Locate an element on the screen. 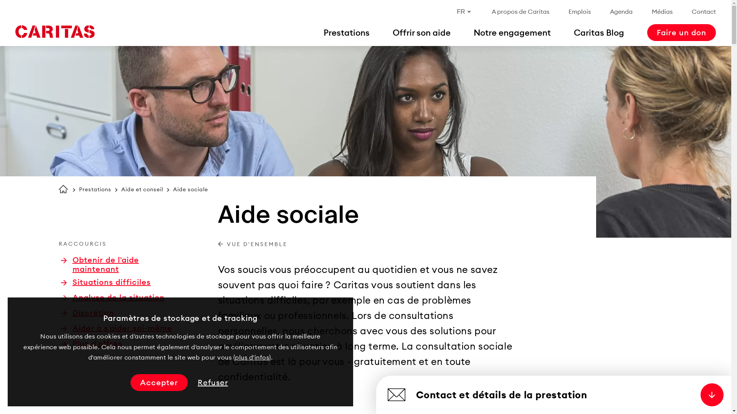 Image resolution: width=737 pixels, height=414 pixels. 'Prestations' is located at coordinates (95, 189).